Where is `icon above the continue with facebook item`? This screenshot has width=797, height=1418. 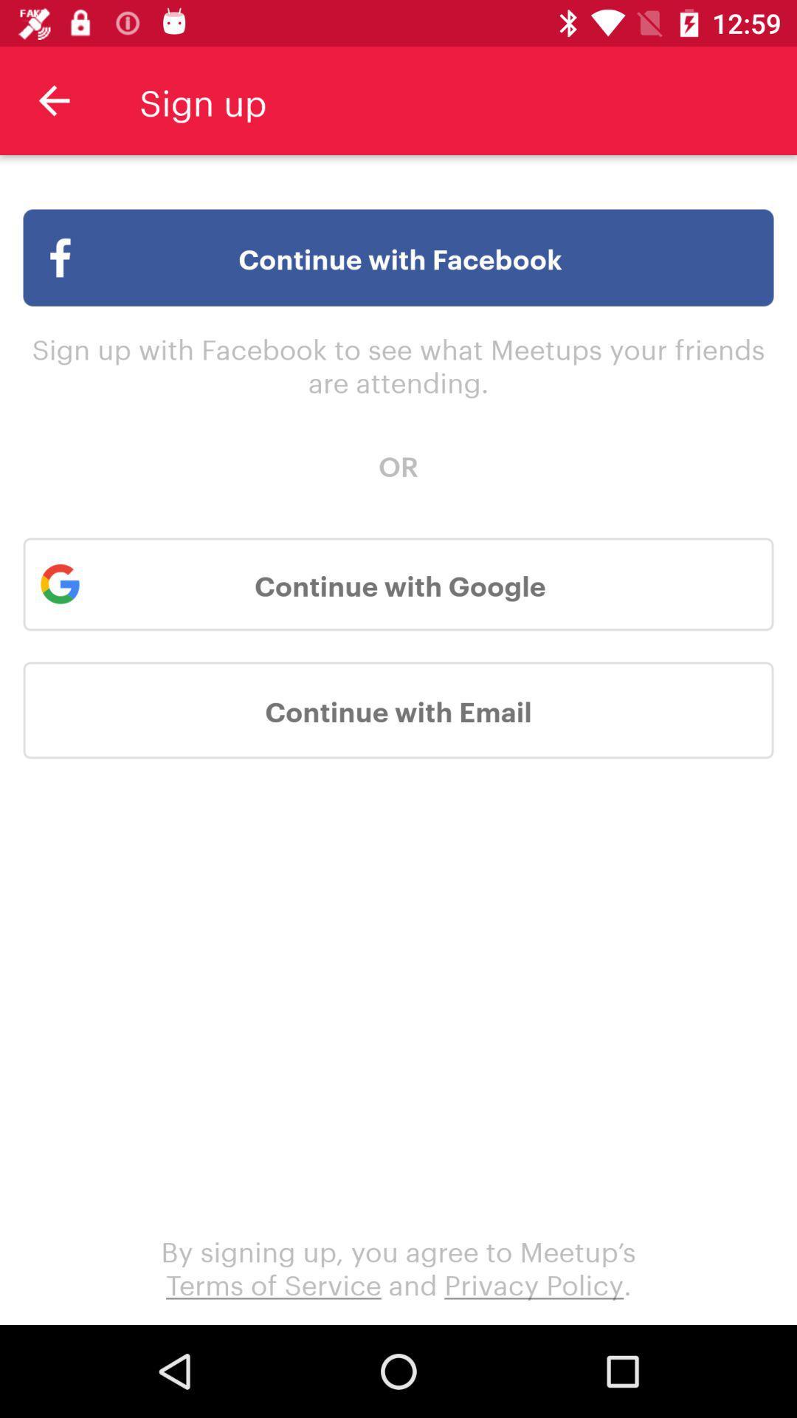 icon above the continue with facebook item is located at coordinates (53, 100).